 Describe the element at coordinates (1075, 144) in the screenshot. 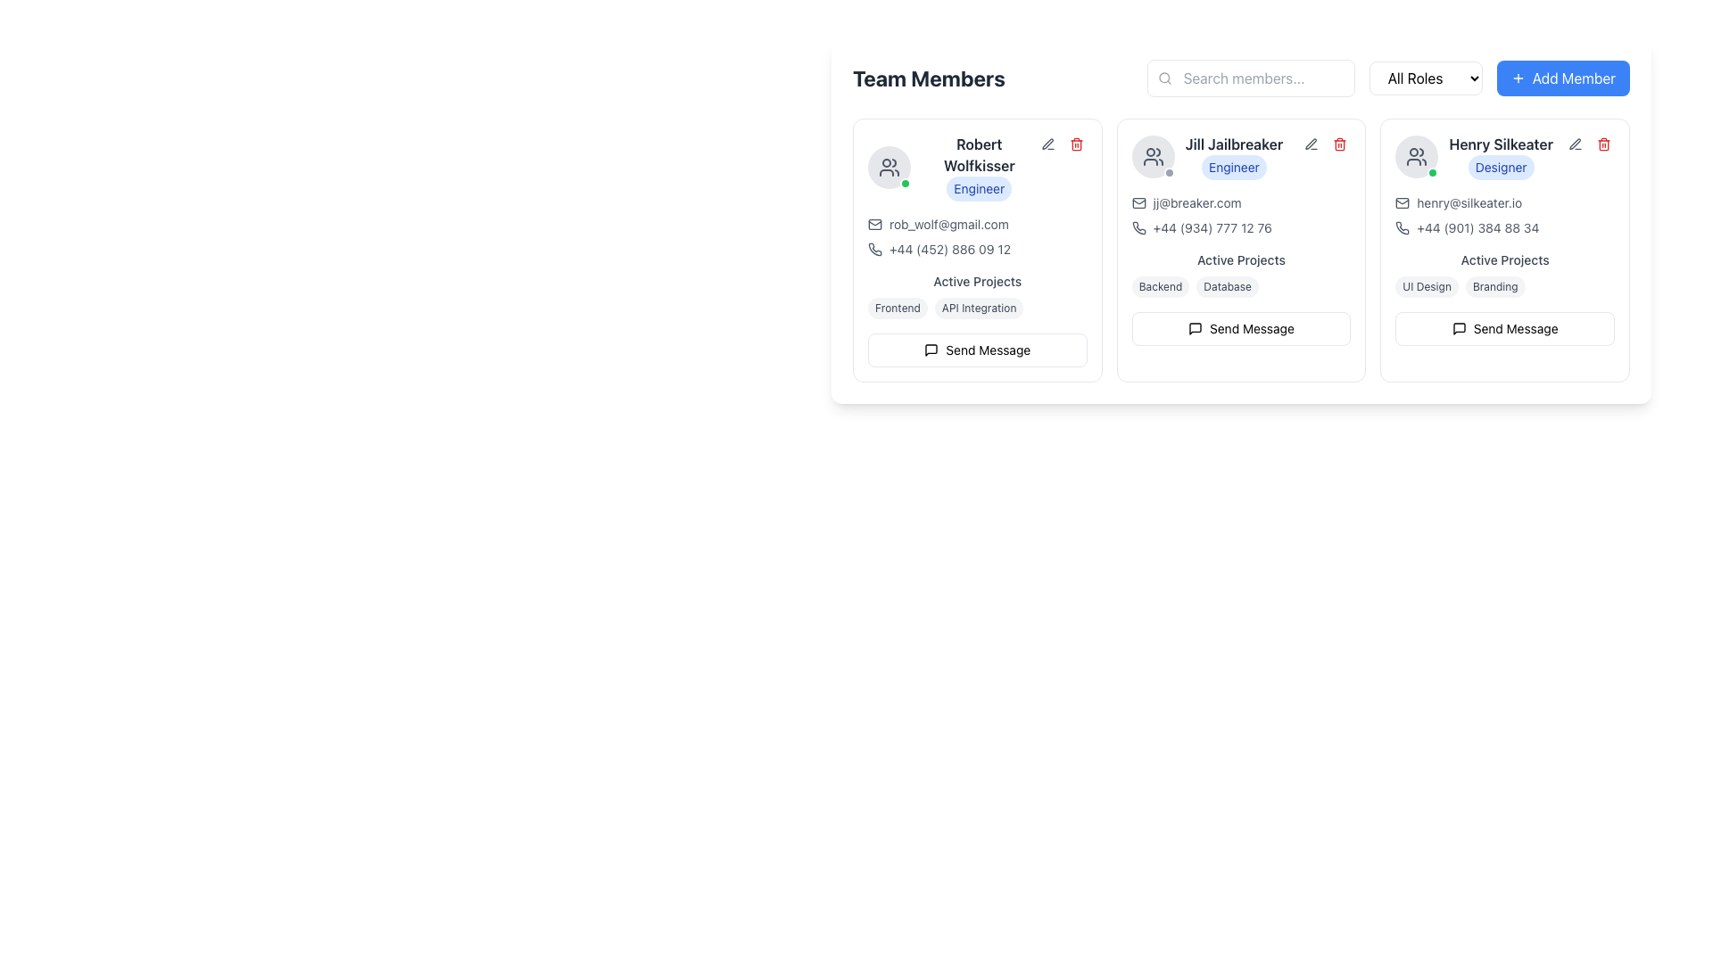

I see `the trash can icon located in the upper-right corner of Robert Wolfkisser's user card` at that location.